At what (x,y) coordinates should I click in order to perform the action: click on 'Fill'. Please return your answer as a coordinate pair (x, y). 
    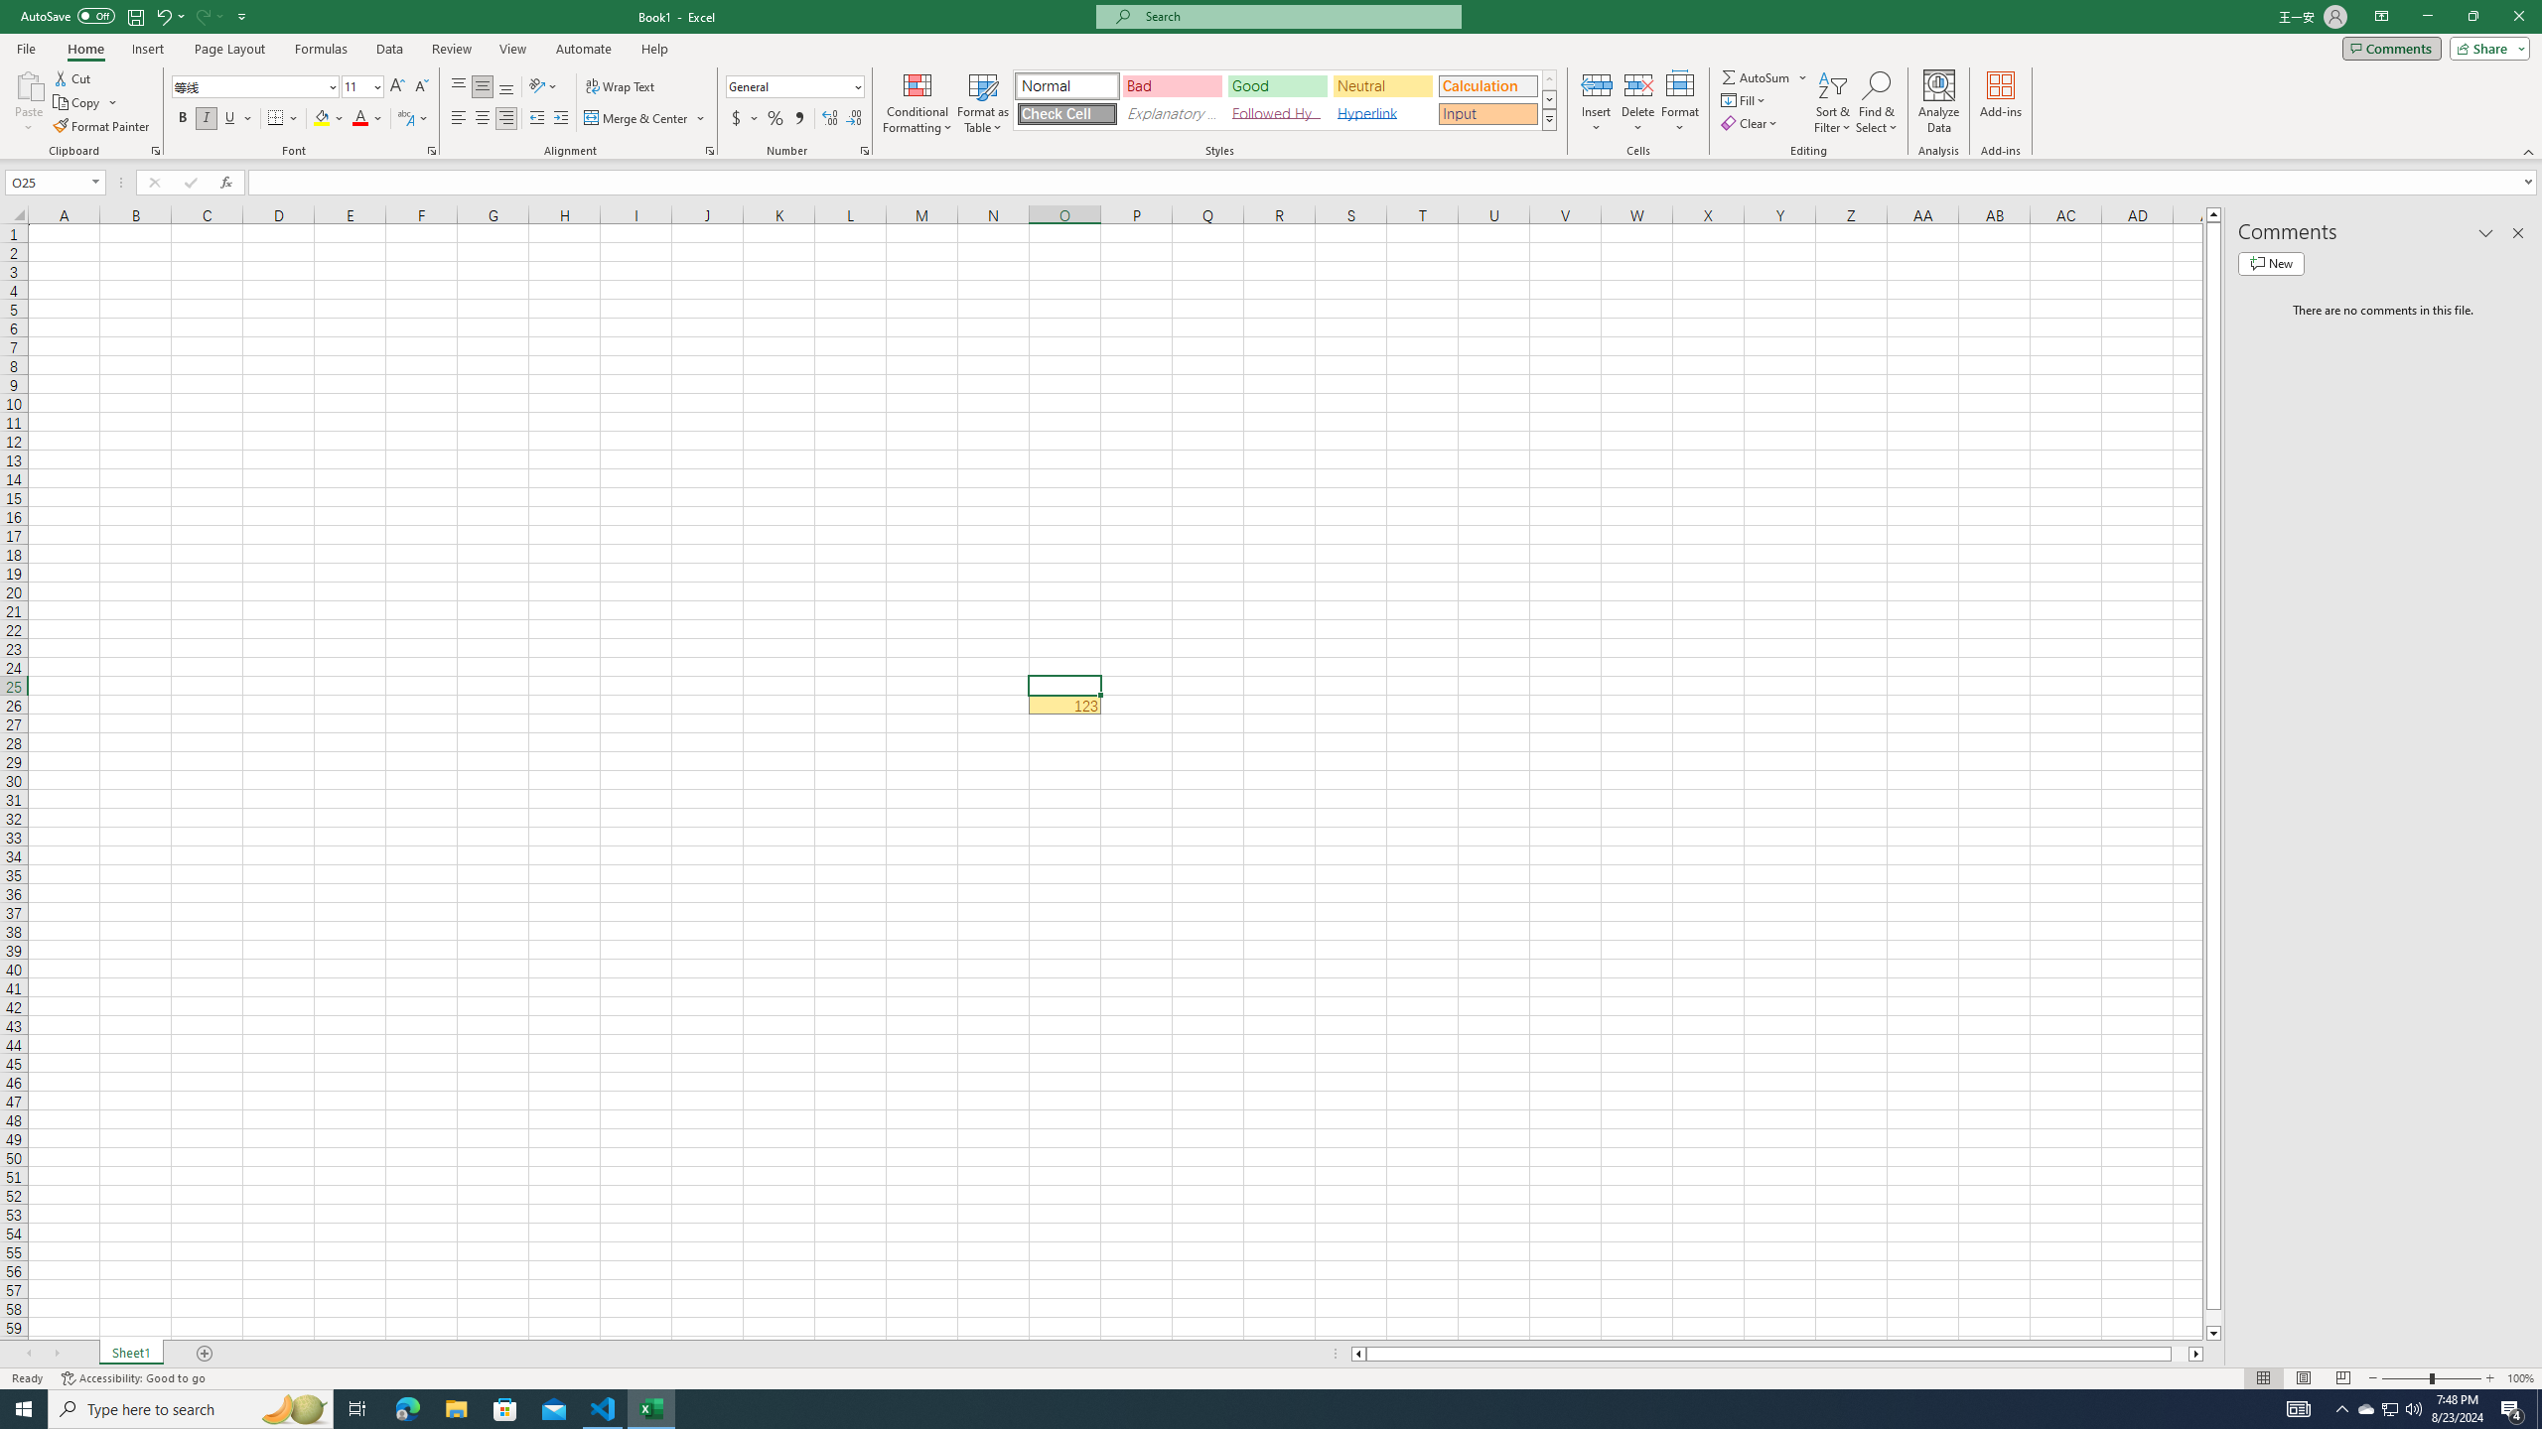
    Looking at the image, I should click on (1744, 98).